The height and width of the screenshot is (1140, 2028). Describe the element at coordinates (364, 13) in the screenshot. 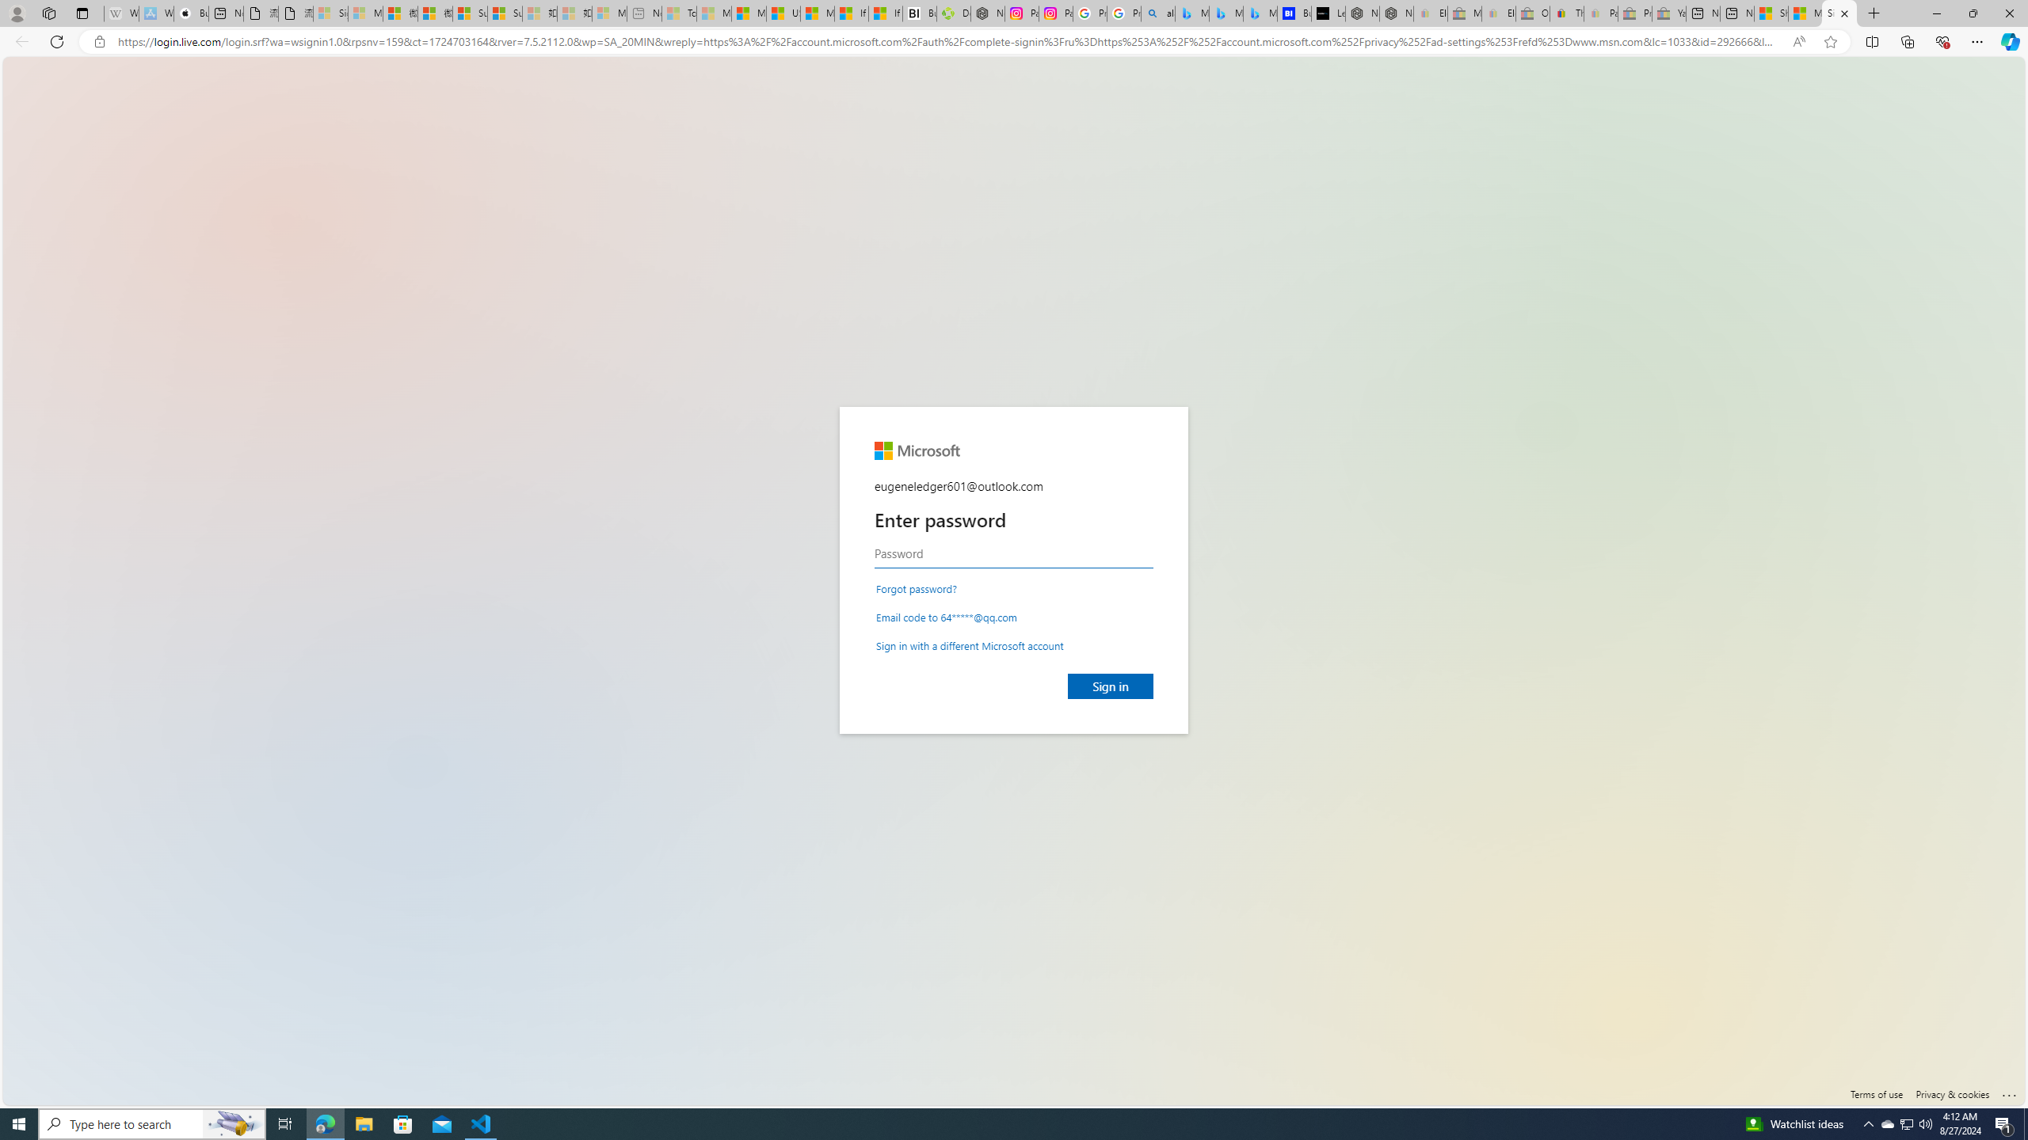

I see `'Microsoft Services Agreement - Sleeping'` at that location.